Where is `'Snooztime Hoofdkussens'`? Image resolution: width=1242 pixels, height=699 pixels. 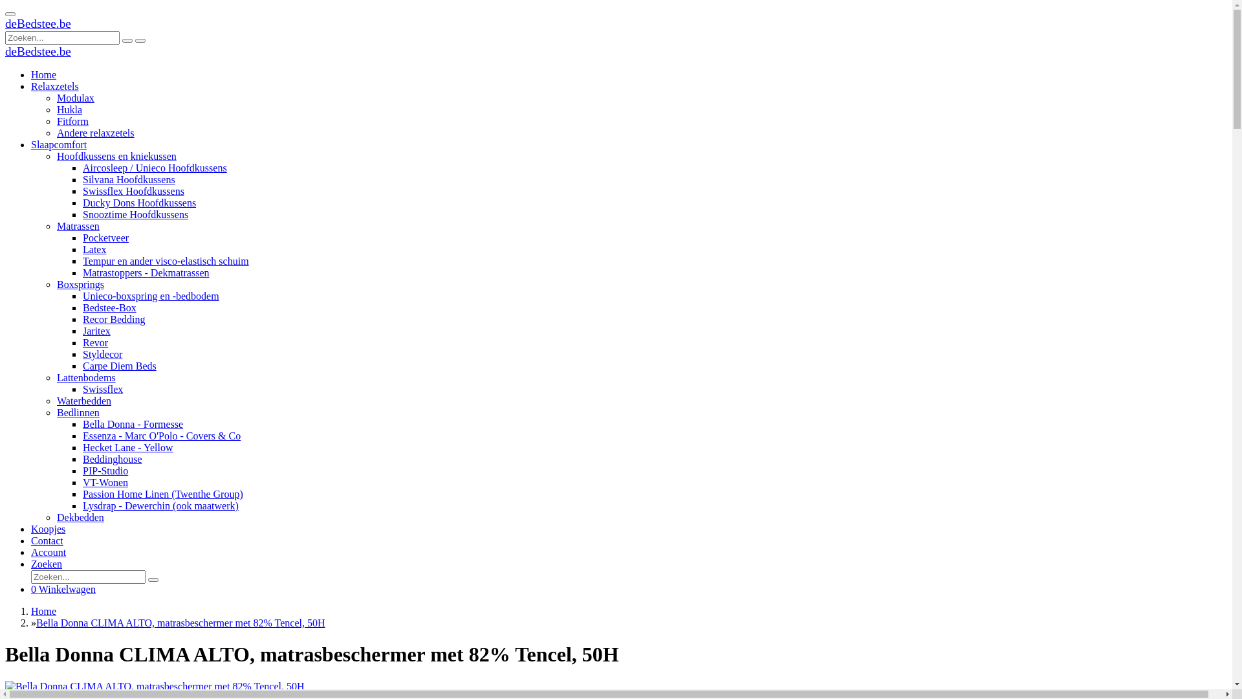
'Snooztime Hoofdkussens' is located at coordinates (135, 214).